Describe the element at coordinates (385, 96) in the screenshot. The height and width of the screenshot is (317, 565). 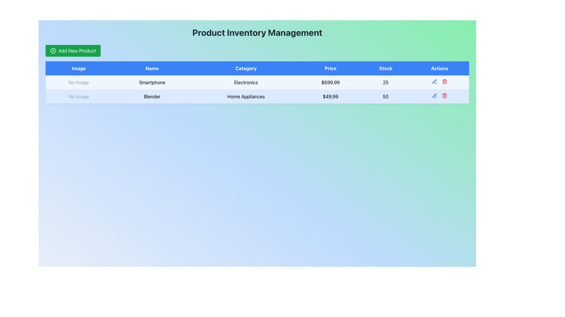
I see `the Text Label displaying the stock quantity of the 'Blender' item, located in the fifth column of the second row of the table under the 'Stock' header` at that location.